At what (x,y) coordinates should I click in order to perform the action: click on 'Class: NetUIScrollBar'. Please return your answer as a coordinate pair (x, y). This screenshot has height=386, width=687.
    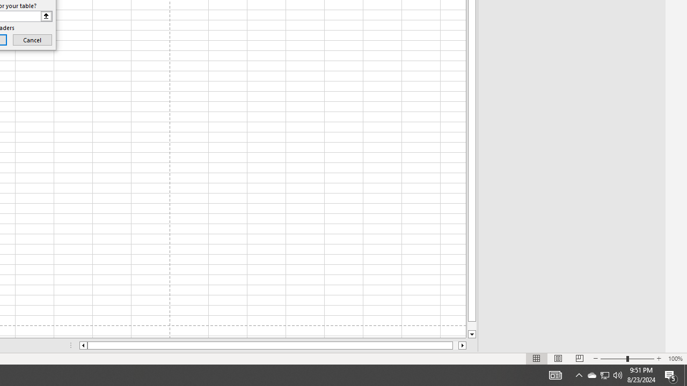
    Looking at the image, I should click on (273, 345).